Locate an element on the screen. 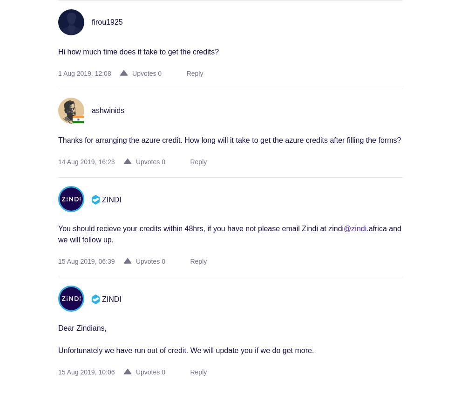 The height and width of the screenshot is (407, 461). '15 Aug 2019, 06:39' is located at coordinates (58, 261).